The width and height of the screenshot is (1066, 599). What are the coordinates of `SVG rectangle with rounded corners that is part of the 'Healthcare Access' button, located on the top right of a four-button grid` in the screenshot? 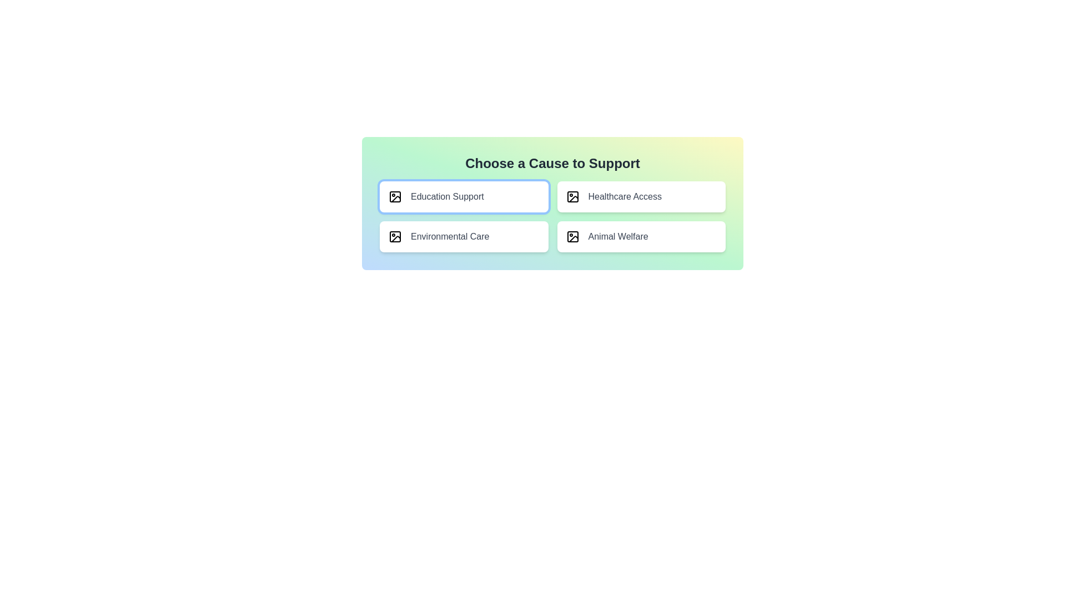 It's located at (572, 196).